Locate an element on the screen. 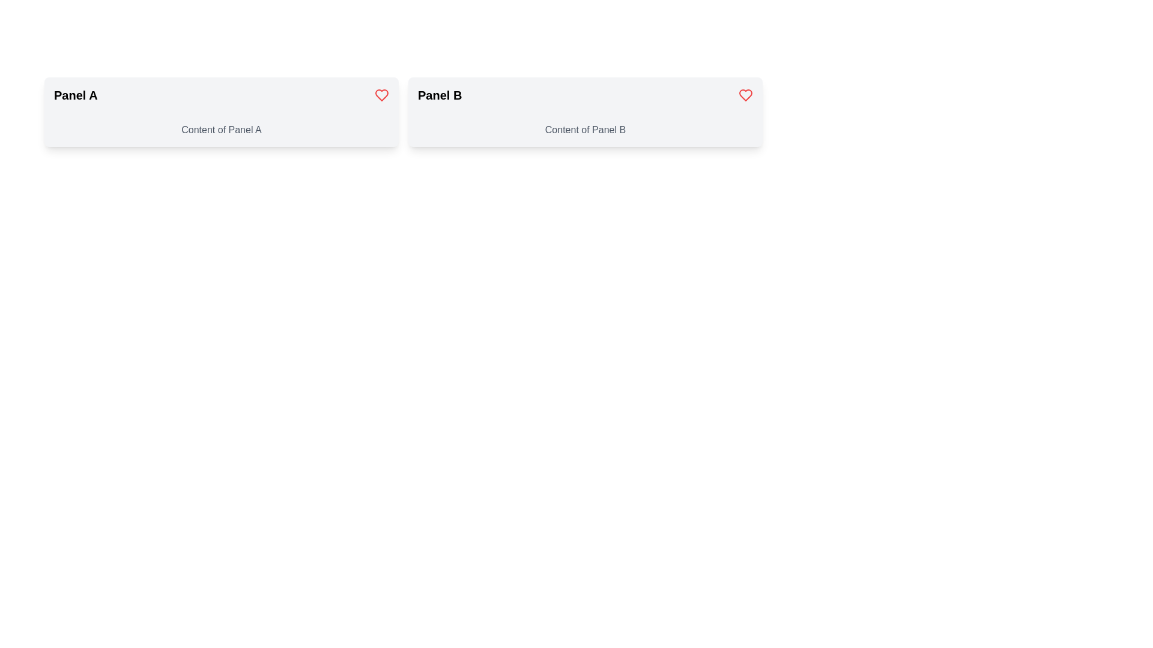 This screenshot has width=1153, height=648. the text label displaying 'Content of Panel B' located in the lower half of the 'Panel B' card is located at coordinates (585, 130).